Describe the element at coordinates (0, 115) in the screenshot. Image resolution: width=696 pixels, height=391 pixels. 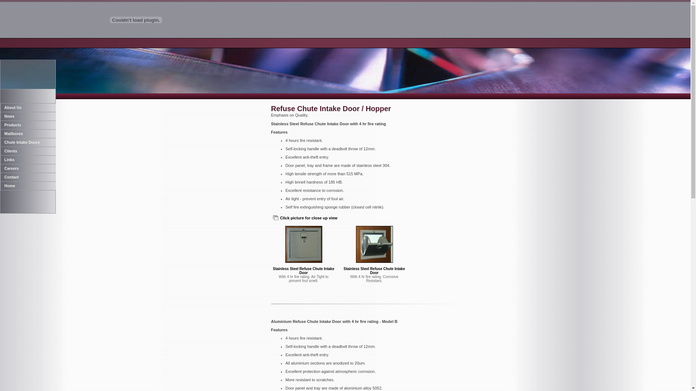
I see `'News'` at that location.